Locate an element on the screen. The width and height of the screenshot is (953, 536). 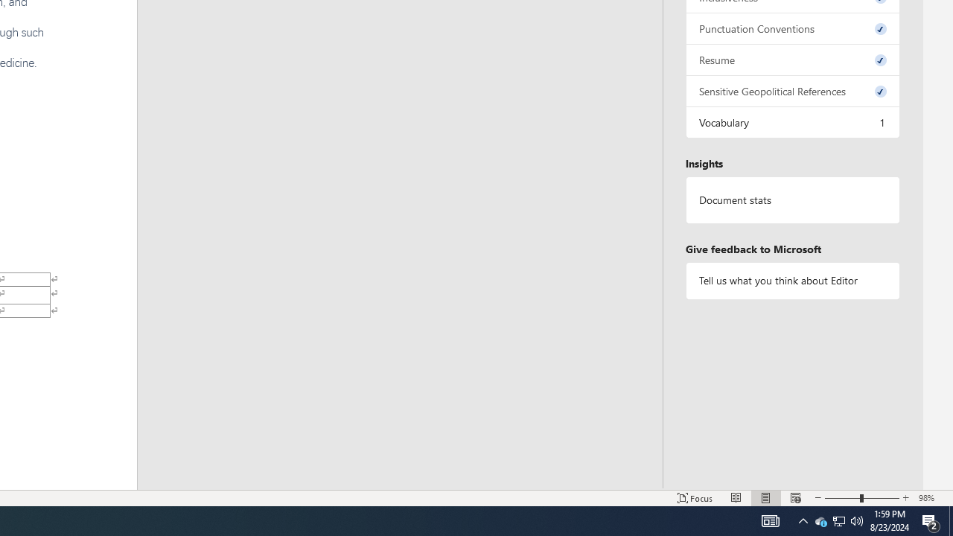
'Zoom Out' is located at coordinates (842, 498).